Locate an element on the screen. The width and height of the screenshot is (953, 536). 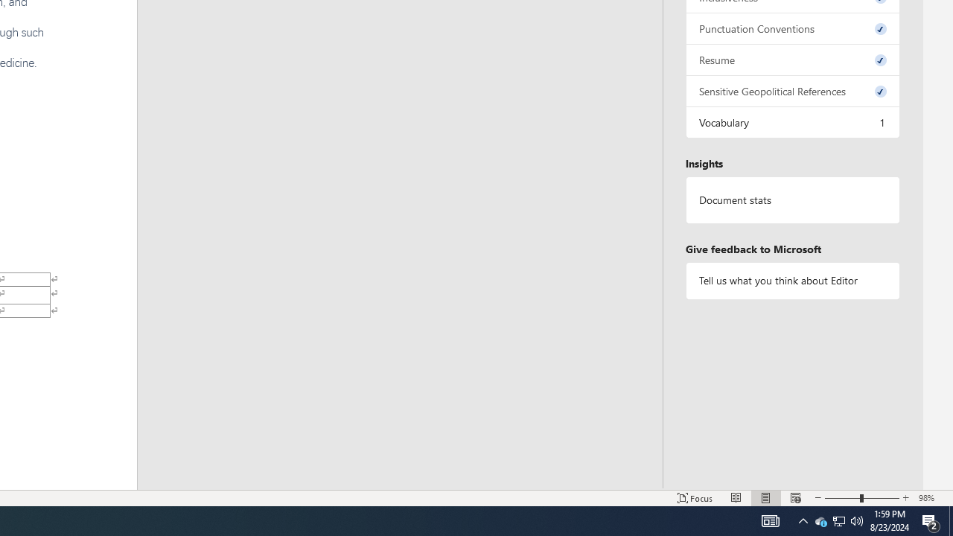
'Zoom Out' is located at coordinates (842, 498).